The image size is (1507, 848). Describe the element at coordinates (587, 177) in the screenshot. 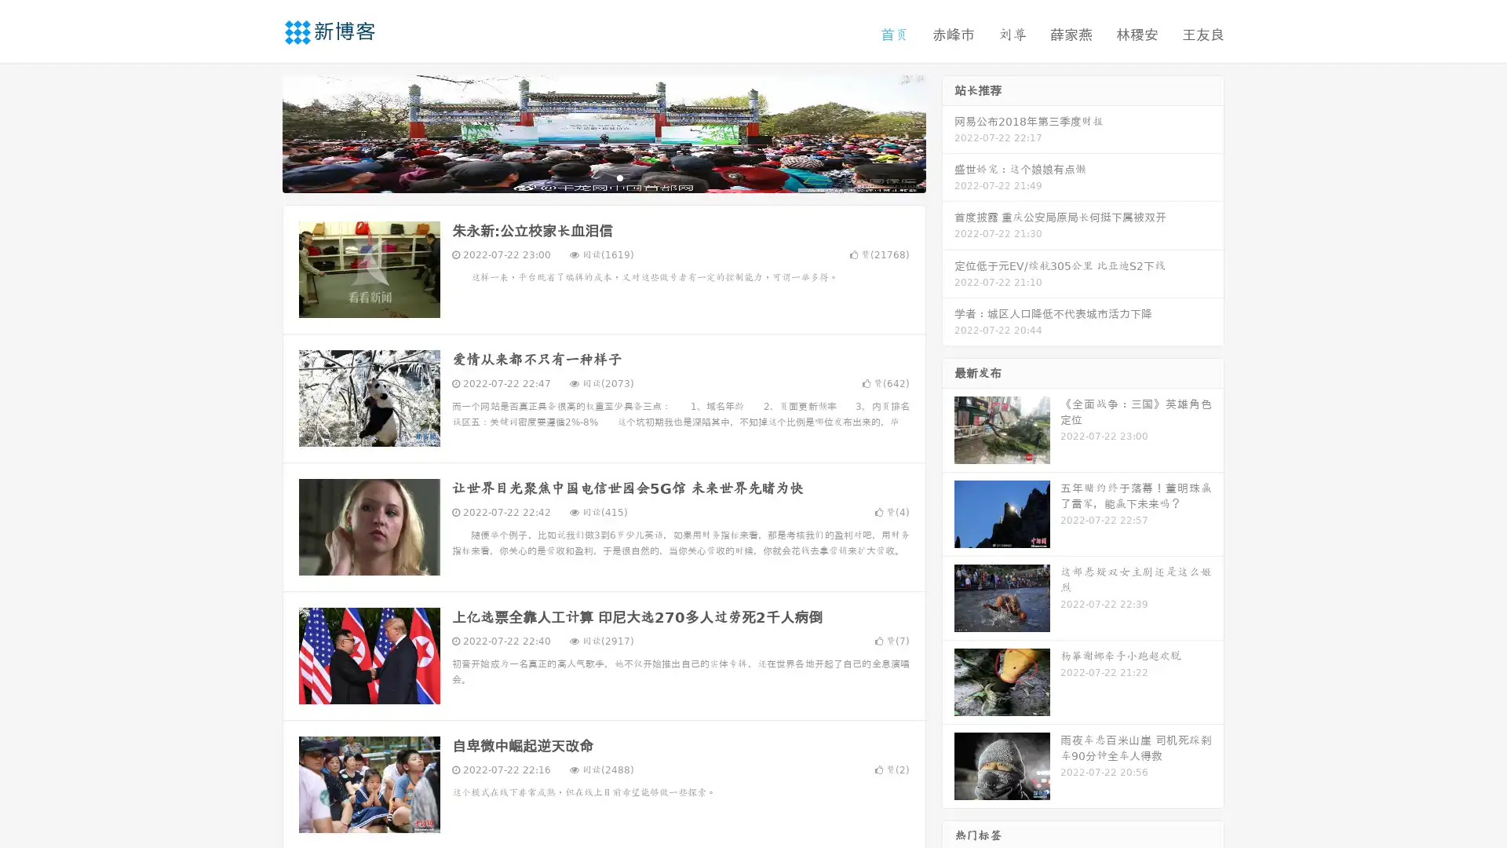

I see `Go to slide 1` at that location.